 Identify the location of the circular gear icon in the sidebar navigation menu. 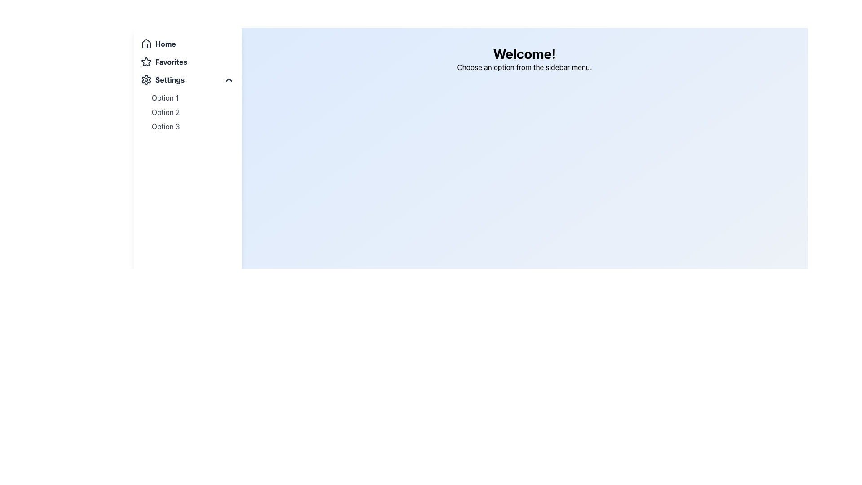
(146, 79).